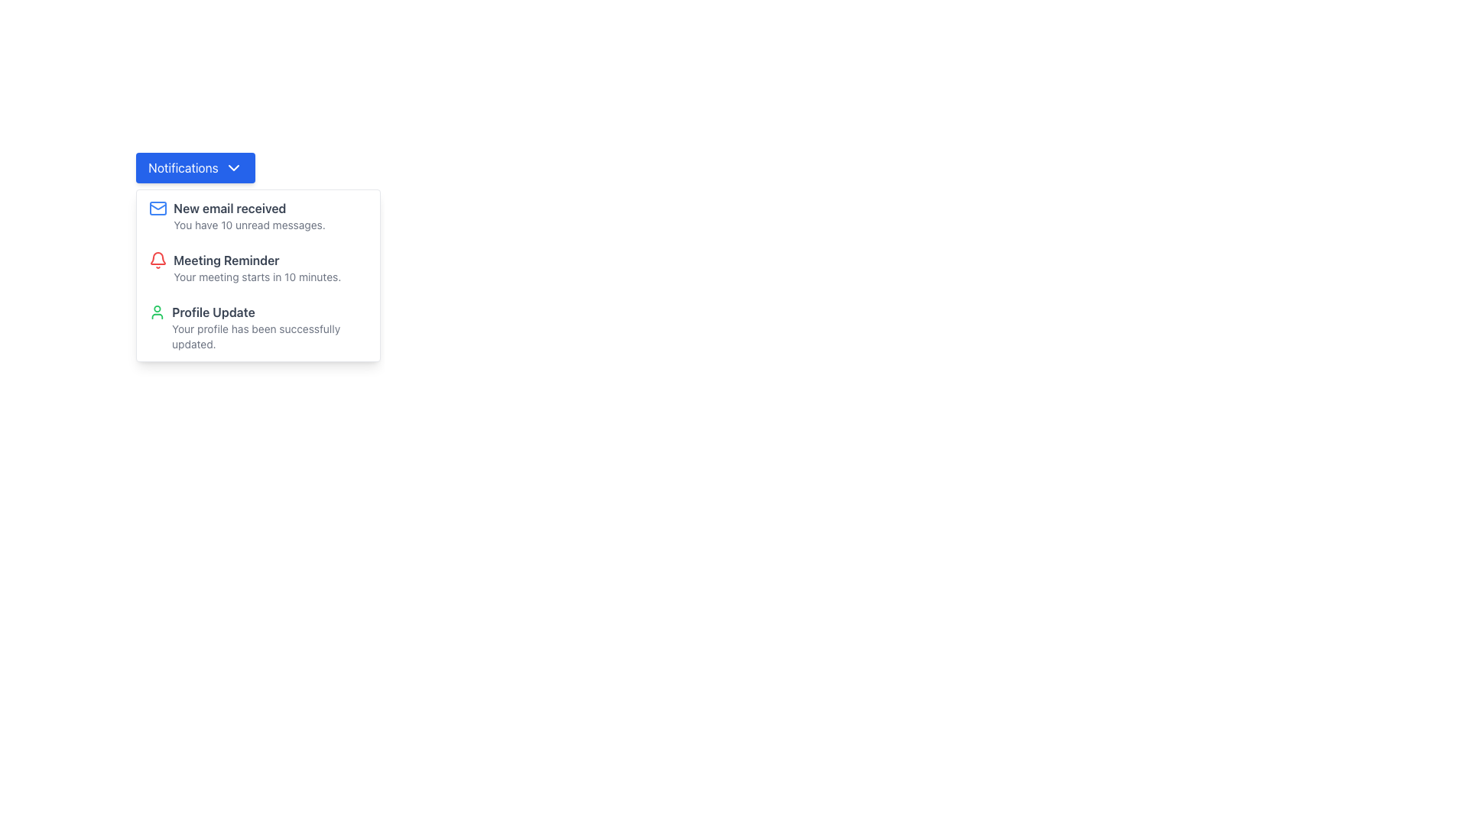 The width and height of the screenshot is (1468, 825). What do you see at coordinates (258, 267) in the screenshot?
I see `the second notification item in the dropdown panel to acknowledge or view the notification details` at bounding box center [258, 267].